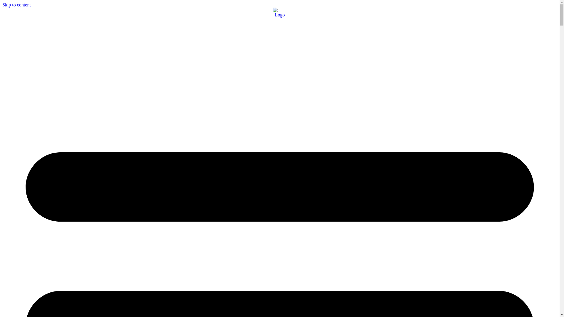 The image size is (564, 317). I want to click on 'Skip to content', so click(16, 5).